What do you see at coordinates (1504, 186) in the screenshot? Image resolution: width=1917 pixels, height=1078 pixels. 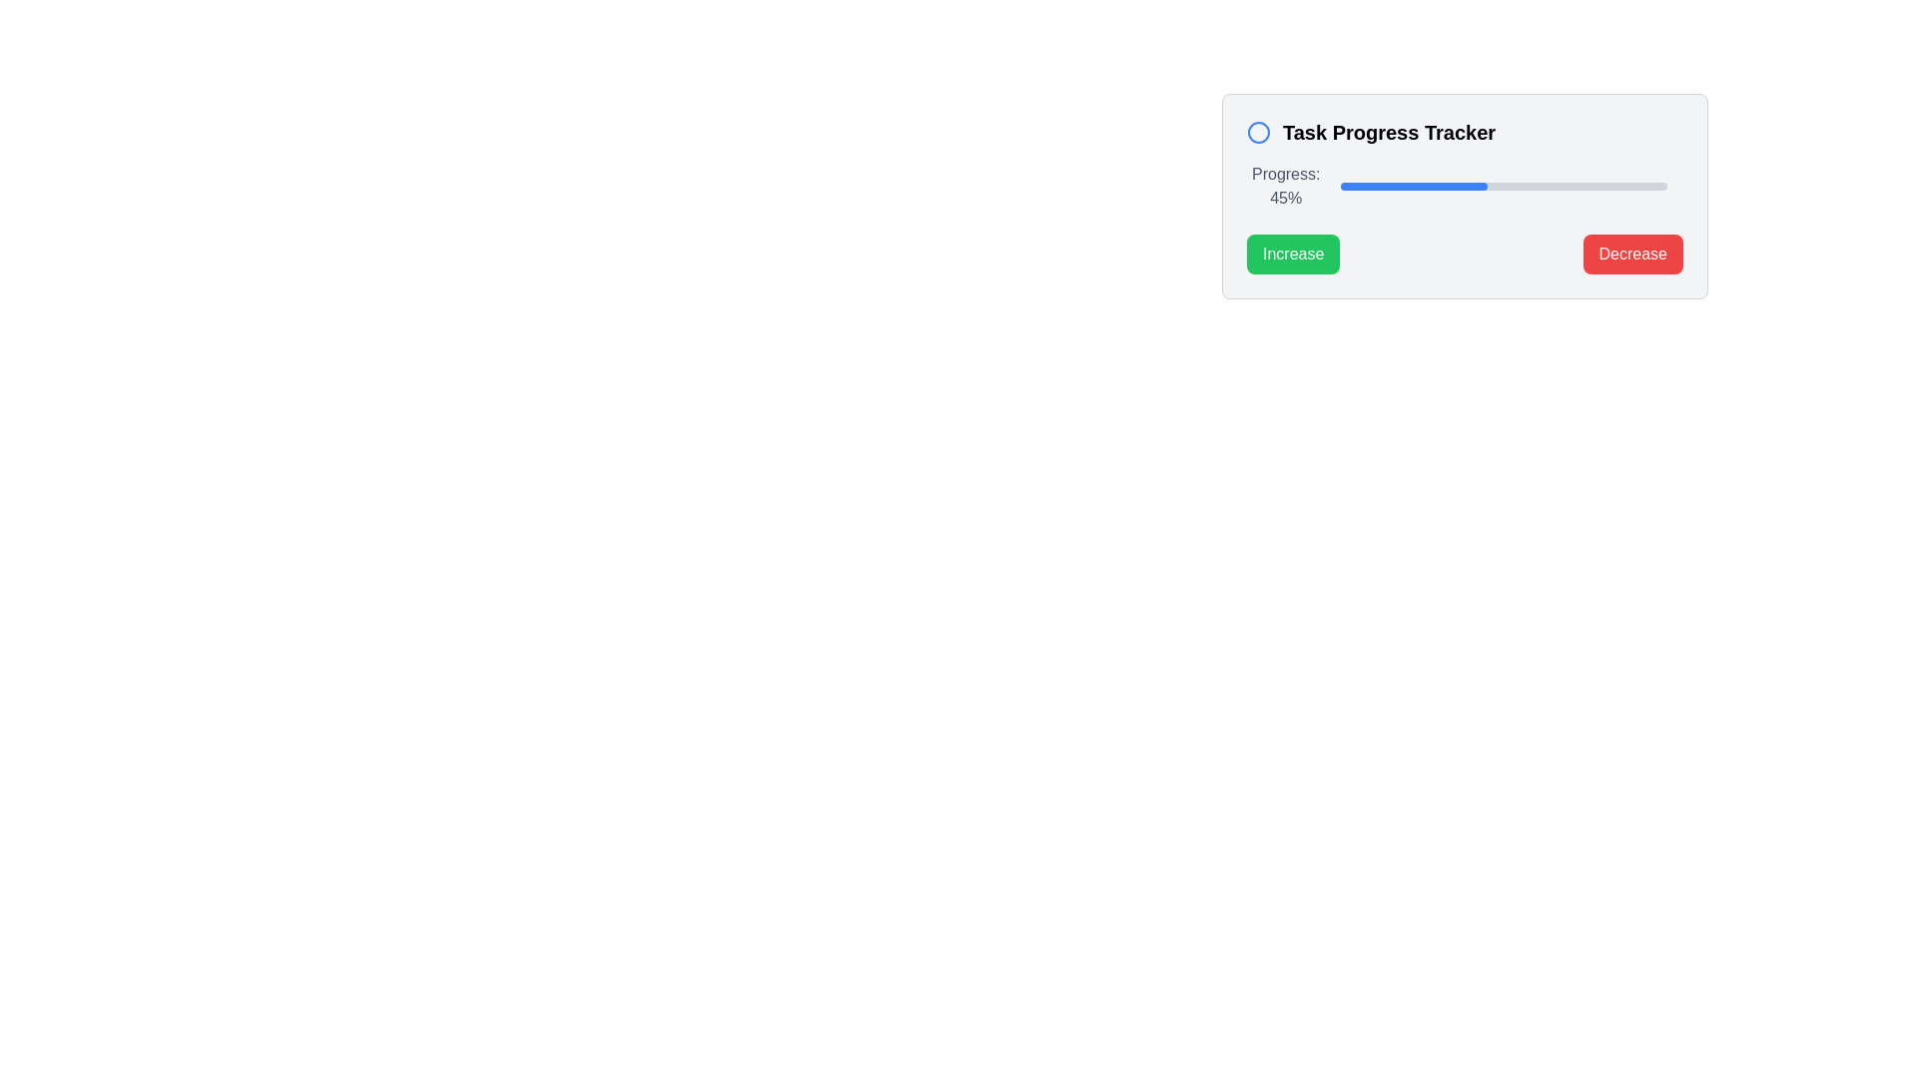 I see `the progress bar located below the text 'Progress: 45%' in the 'Task Progress Tracker' card` at bounding box center [1504, 186].